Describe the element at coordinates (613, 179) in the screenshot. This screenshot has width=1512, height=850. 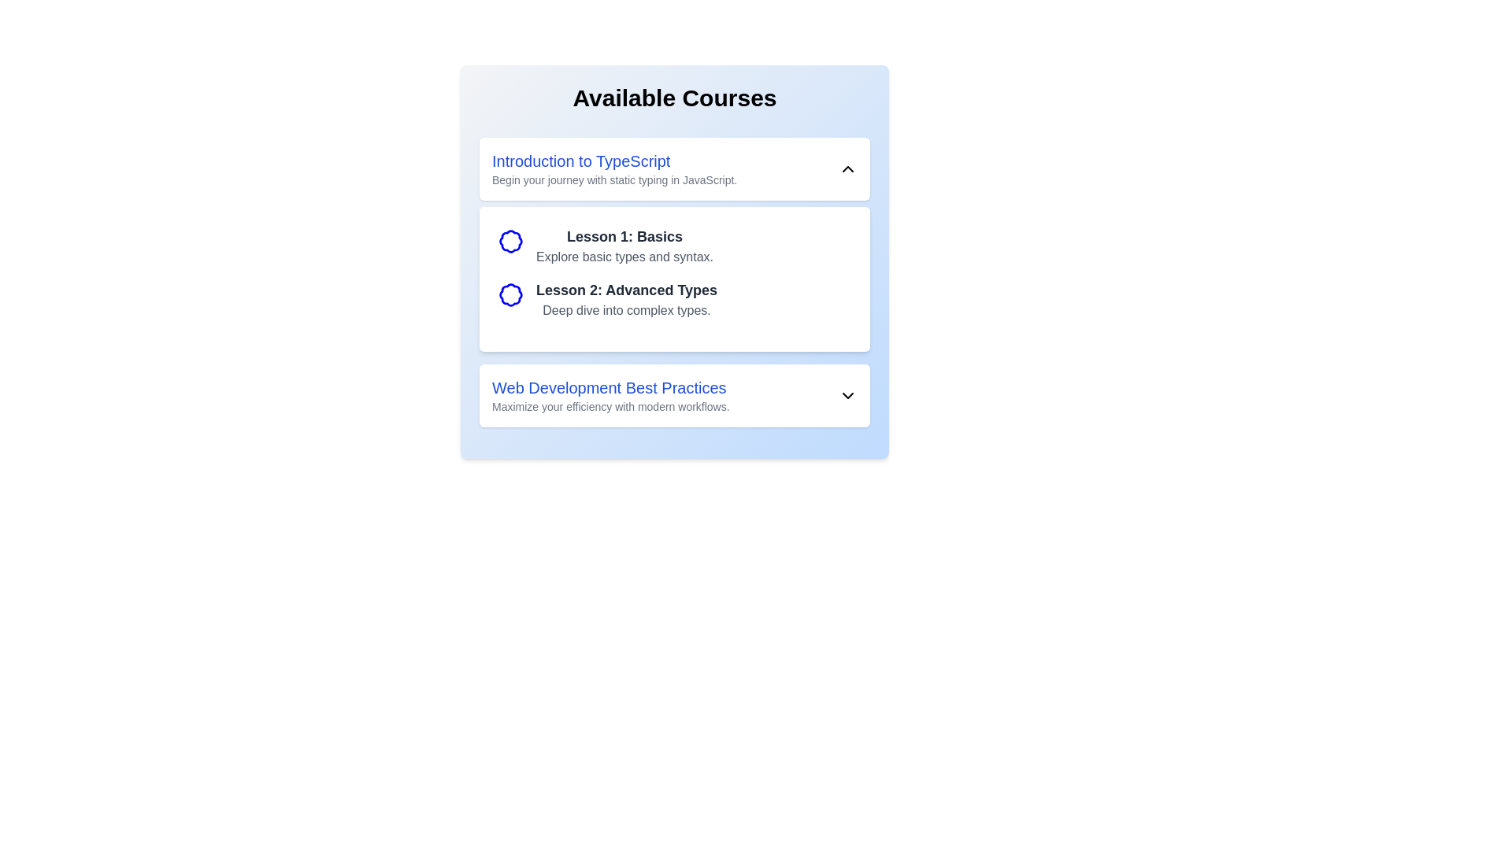
I see `the Text label that says 'Begin your journey with static typing in JavaScript.', which is styled in a smaller gray font and located beneath the larger blue hyperlink titled 'Introduction to TypeScript'` at that location.